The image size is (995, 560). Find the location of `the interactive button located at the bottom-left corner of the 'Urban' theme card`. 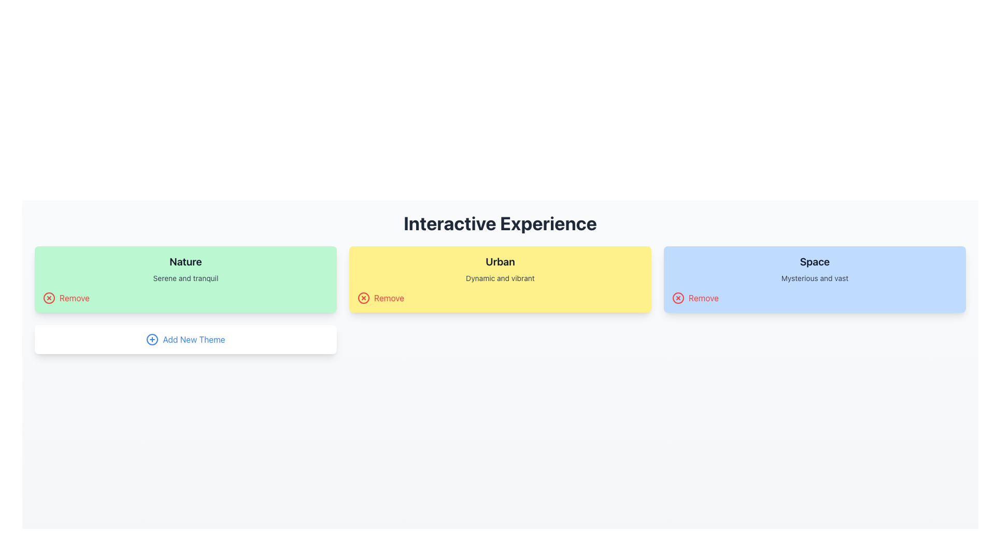

the interactive button located at the bottom-left corner of the 'Urban' theme card is located at coordinates (380, 298).